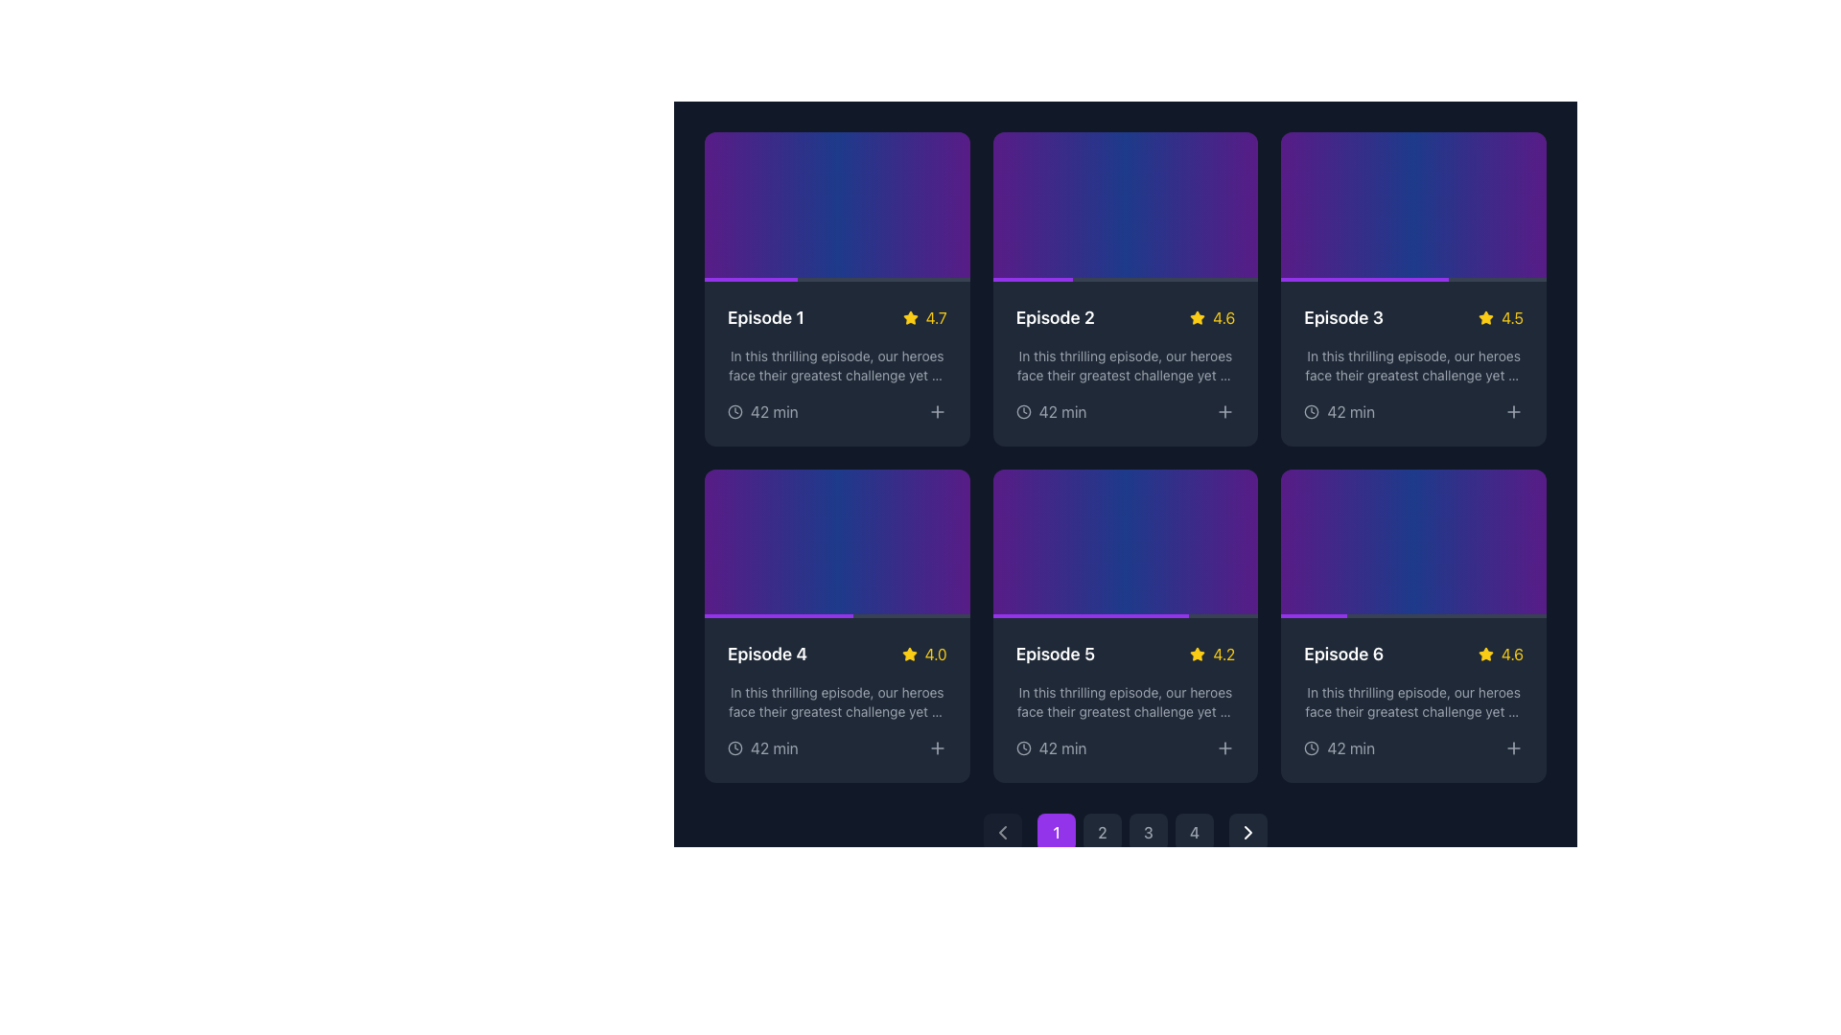 This screenshot has width=1841, height=1035. I want to click on the circular clock-shaped graphic icon located in the bottom-left corner of the fourth card, which visually represents time-related information for the '42 min' label, so click(734, 747).